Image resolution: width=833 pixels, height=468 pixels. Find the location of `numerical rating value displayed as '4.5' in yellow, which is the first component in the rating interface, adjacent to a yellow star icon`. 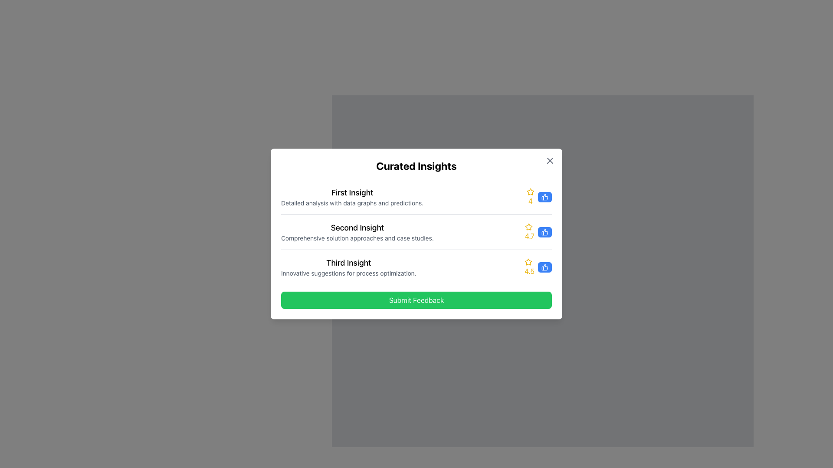

numerical rating value displayed as '4.5' in yellow, which is the first component in the rating interface, adjacent to a yellow star icon is located at coordinates (529, 267).